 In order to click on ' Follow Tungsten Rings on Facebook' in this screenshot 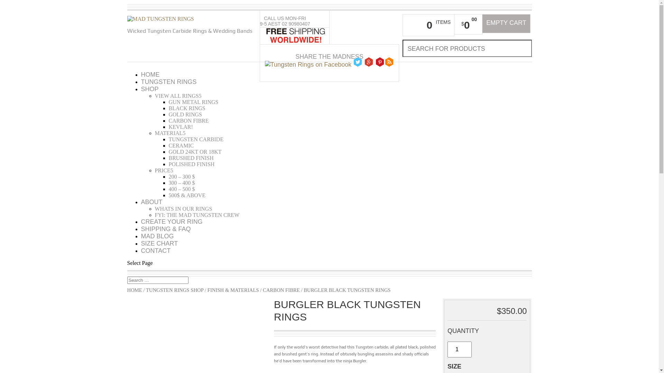, I will do `click(265, 65)`.